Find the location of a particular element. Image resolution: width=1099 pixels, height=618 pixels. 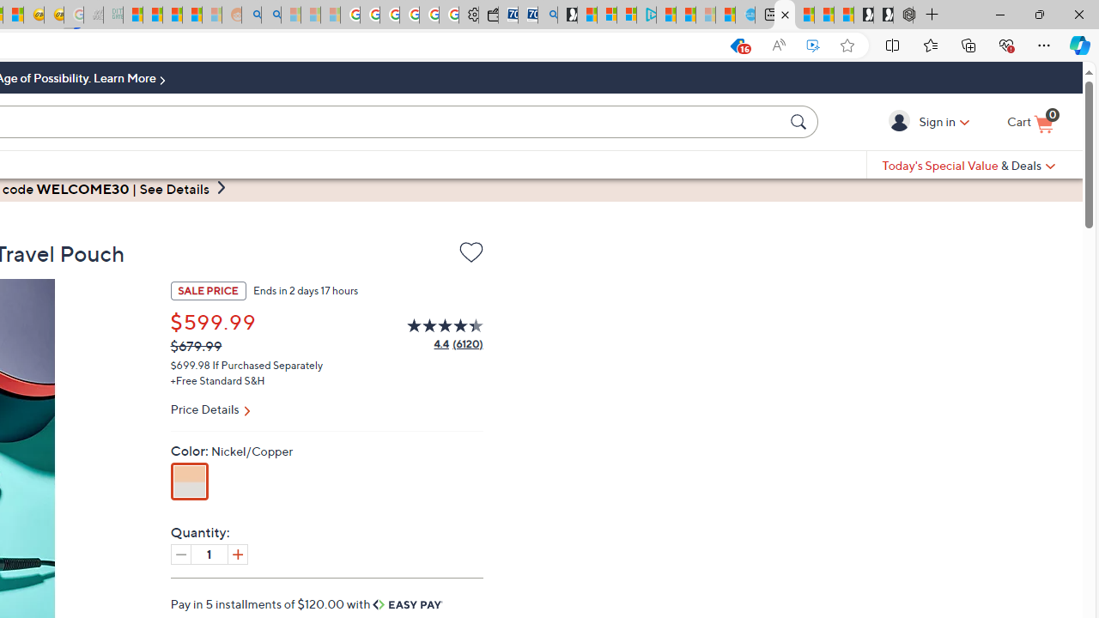

'Sign in' is located at coordinates (901, 120).